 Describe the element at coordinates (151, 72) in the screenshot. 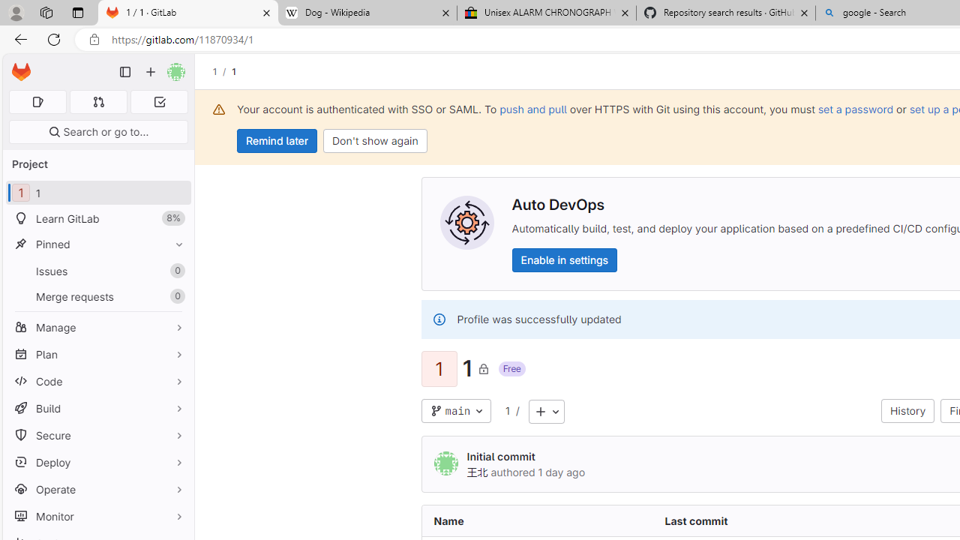

I see `'Create new...'` at that location.